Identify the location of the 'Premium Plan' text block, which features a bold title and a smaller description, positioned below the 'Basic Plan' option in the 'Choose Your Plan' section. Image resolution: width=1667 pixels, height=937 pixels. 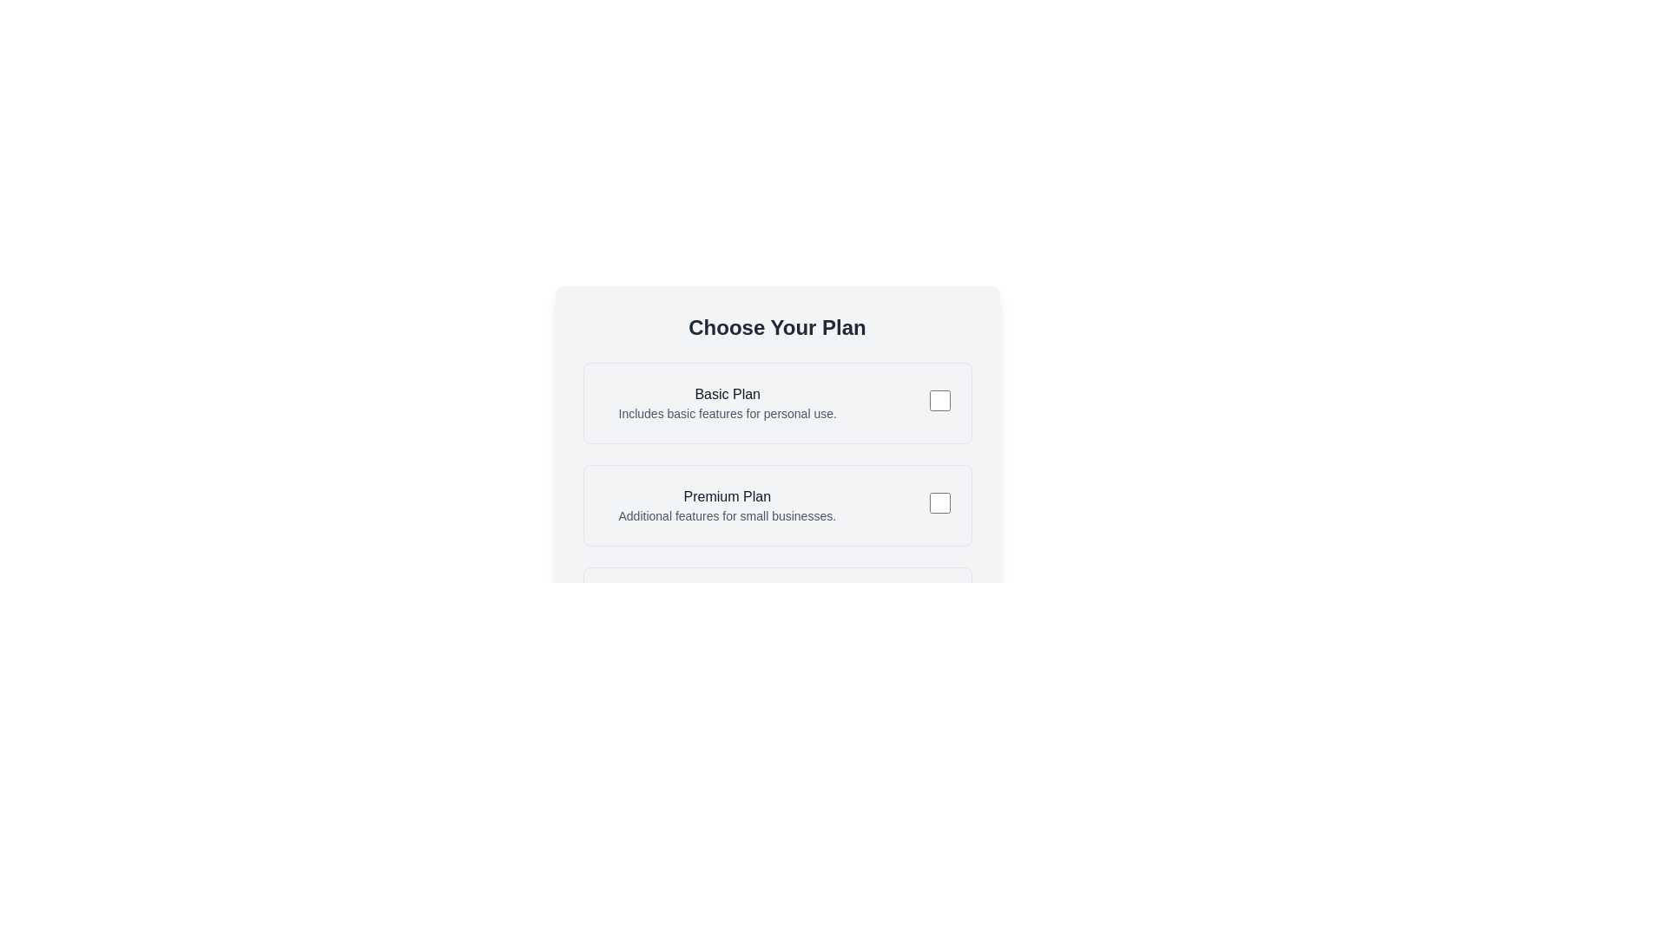
(720, 505).